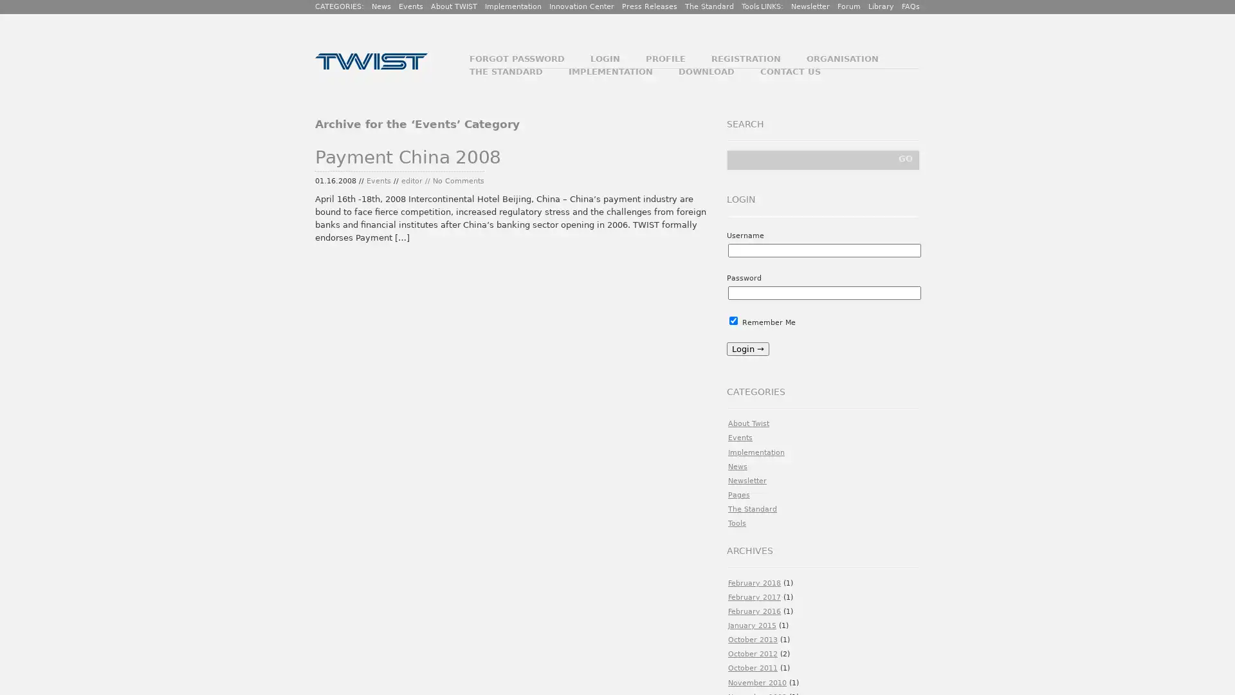  Describe the element at coordinates (904, 158) in the screenshot. I see `GO` at that location.